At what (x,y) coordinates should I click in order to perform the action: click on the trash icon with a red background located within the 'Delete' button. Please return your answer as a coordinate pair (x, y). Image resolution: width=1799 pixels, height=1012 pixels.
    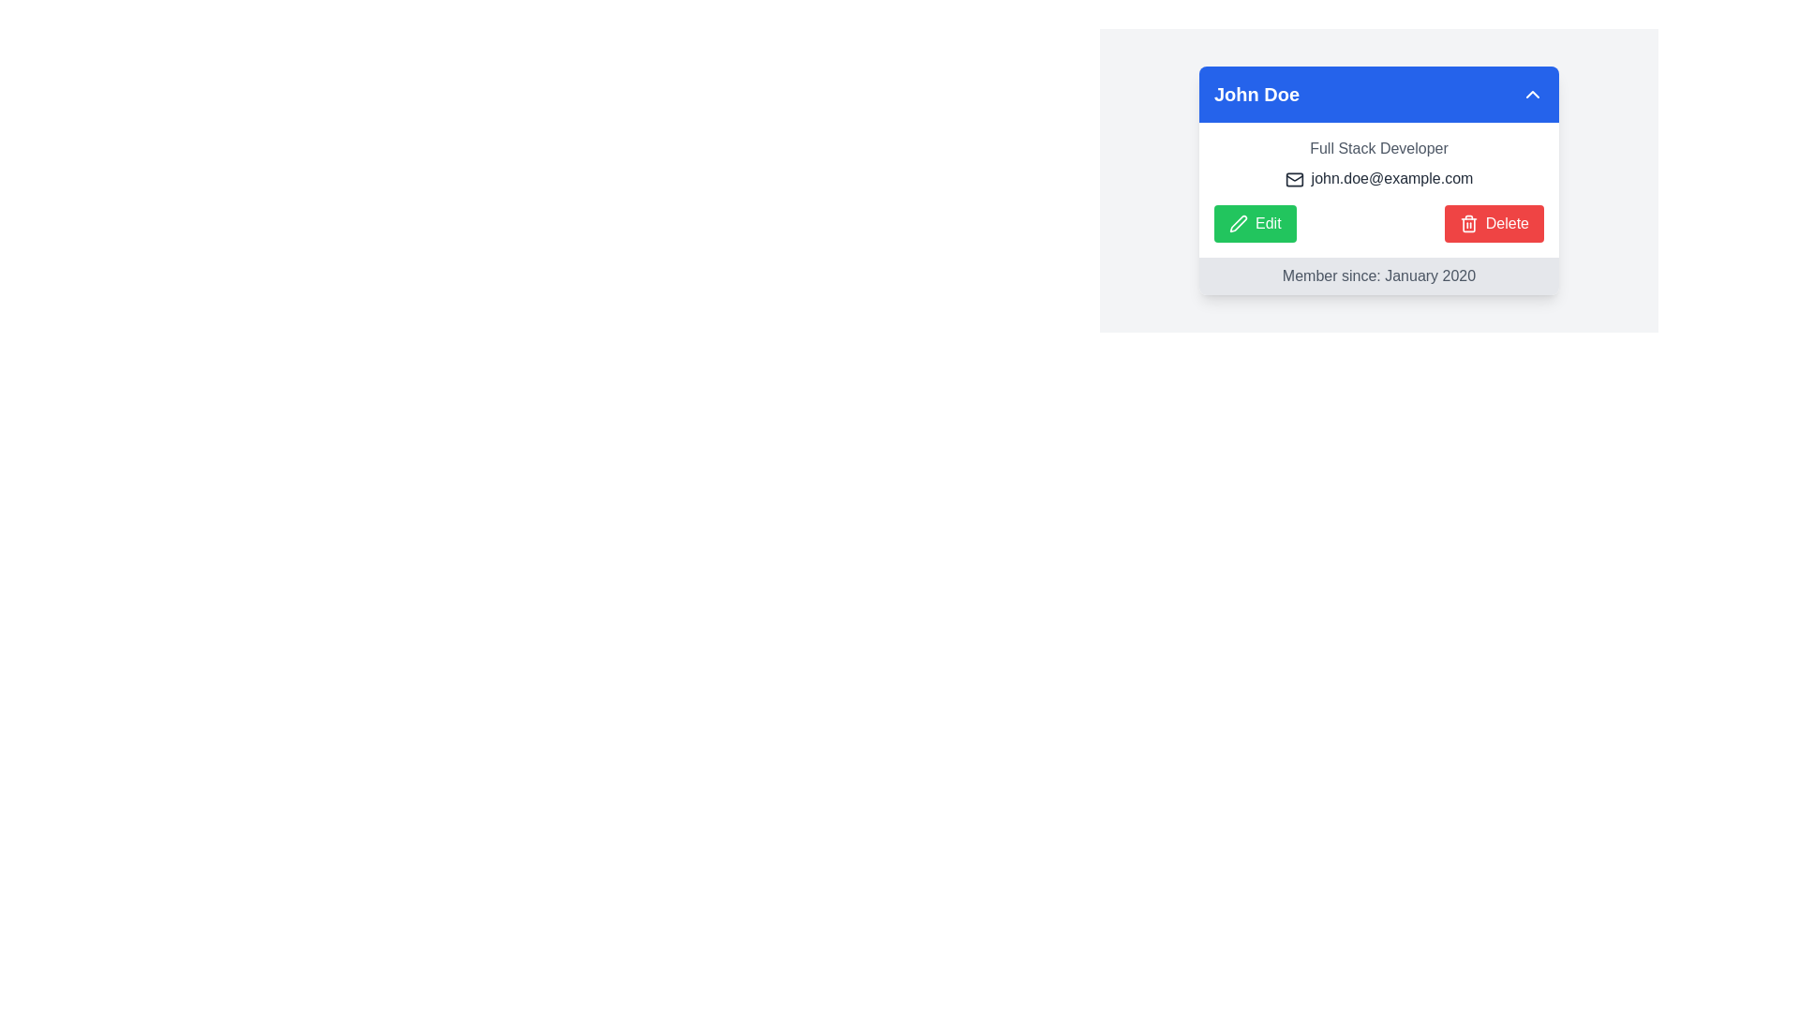
    Looking at the image, I should click on (1467, 223).